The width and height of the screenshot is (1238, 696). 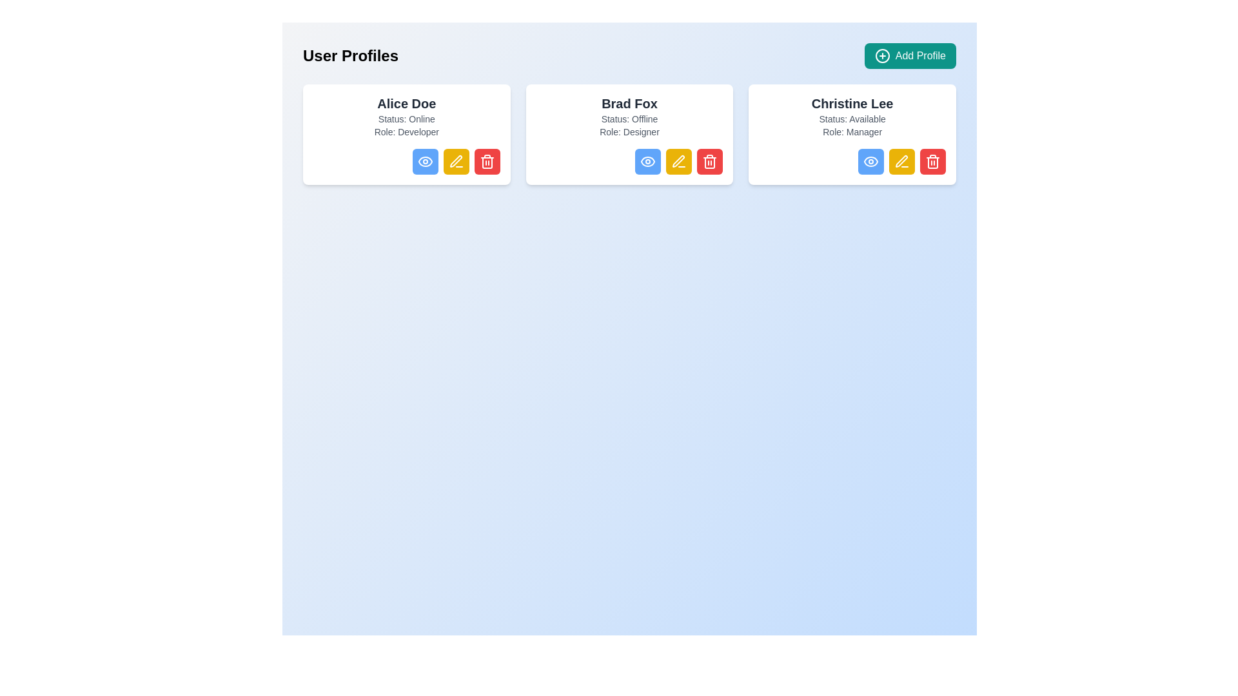 I want to click on the yellow pen icon button located within Alice Doe's profile card to initiate the edit action, so click(x=456, y=160).